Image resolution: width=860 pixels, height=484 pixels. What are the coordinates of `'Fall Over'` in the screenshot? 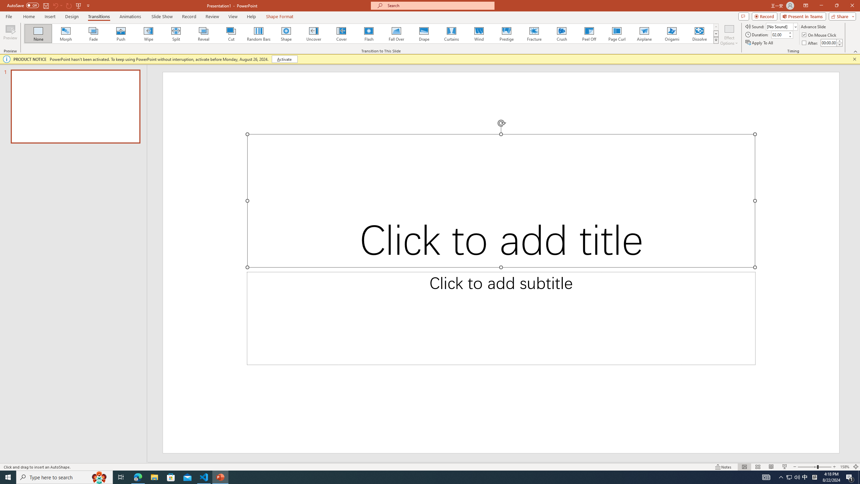 It's located at (396, 33).